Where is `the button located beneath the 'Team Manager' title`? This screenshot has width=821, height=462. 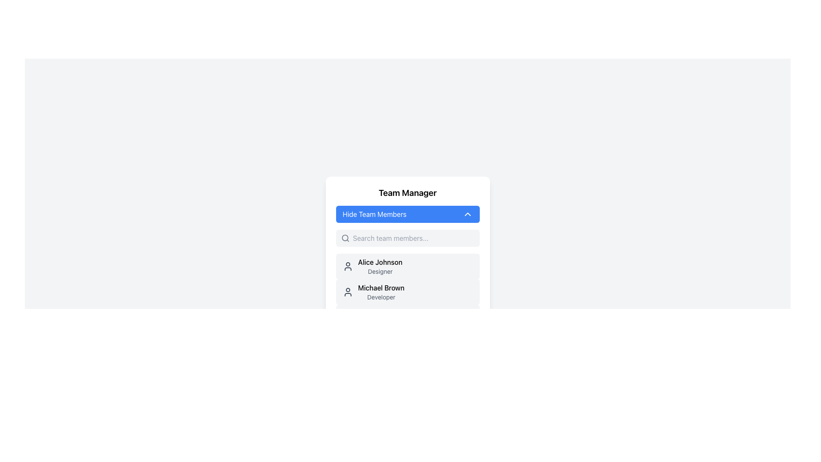 the button located beneath the 'Team Manager' title is located at coordinates (407, 214).